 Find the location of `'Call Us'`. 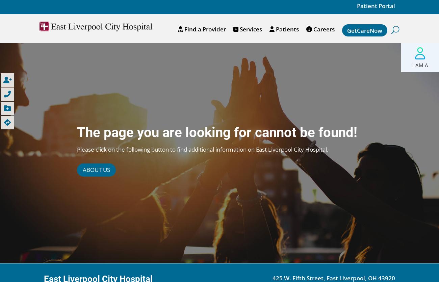

'Call Us' is located at coordinates (33, 94).